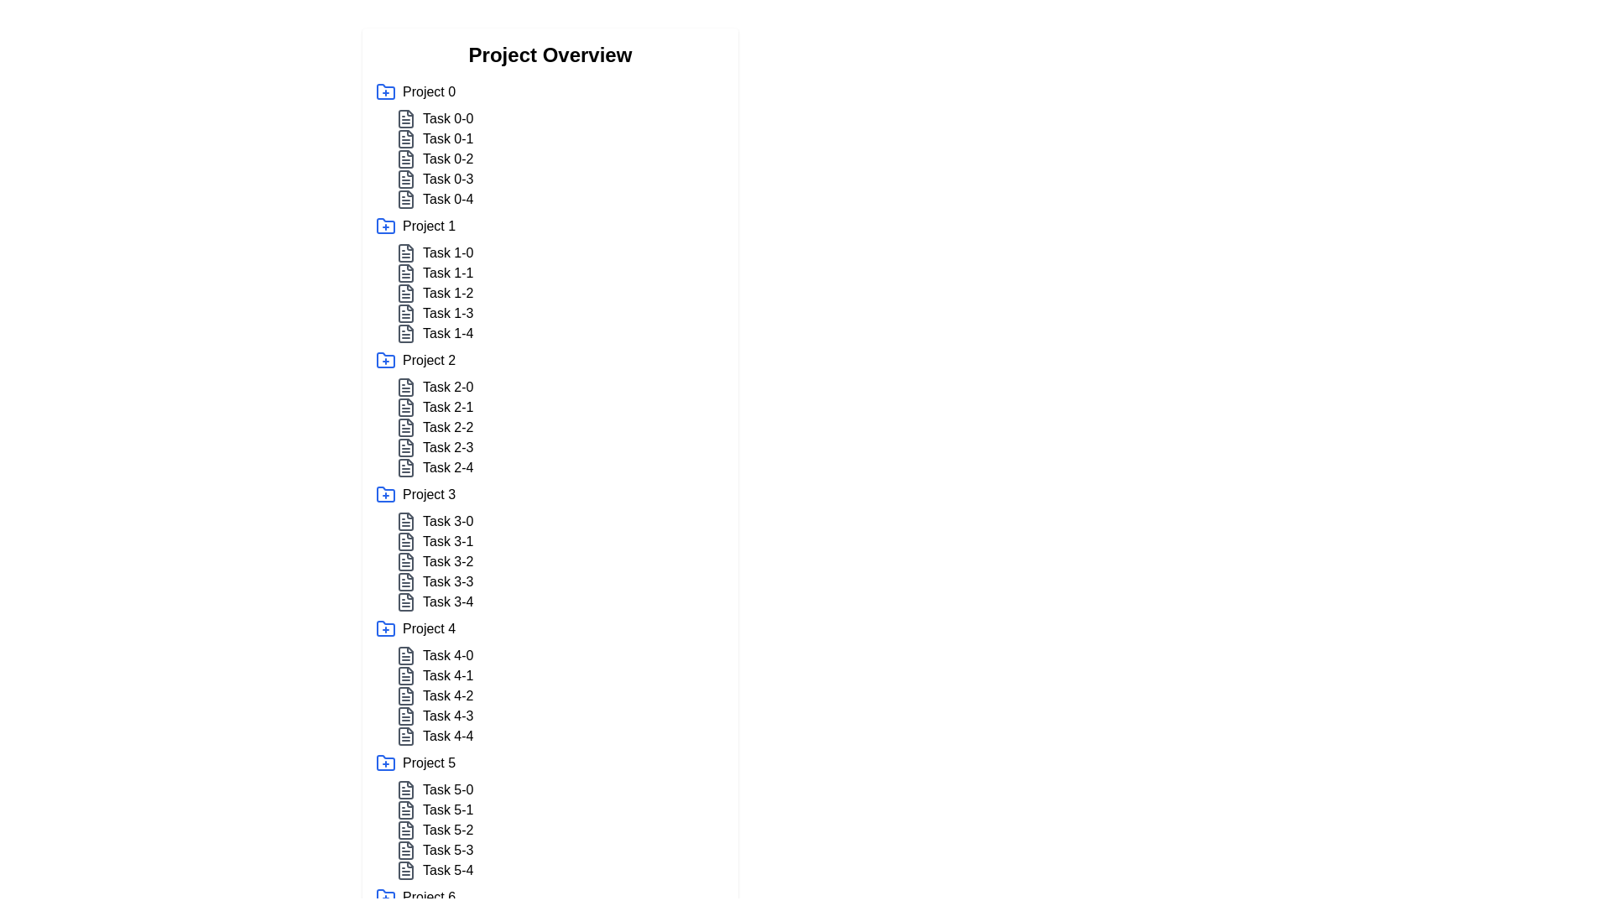 This screenshot has height=906, width=1611. I want to click on the non-interactive text label identifying 'Task 4-1', which is the second item under 'Project 4', so click(448, 675).